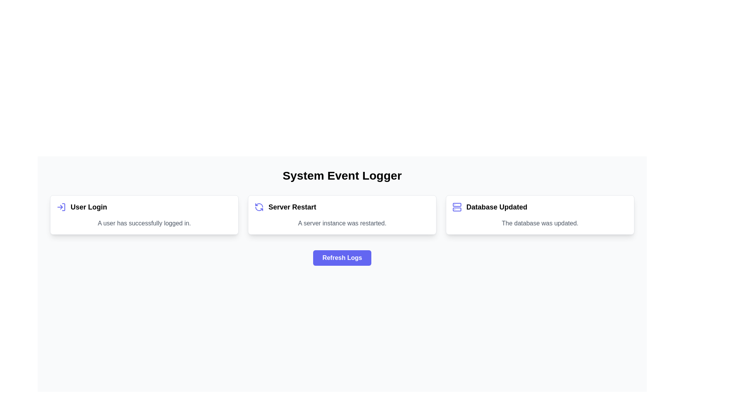 Image resolution: width=745 pixels, height=419 pixels. I want to click on the 'User Login' icon positioned at the top-left corner of the 'User Login' card, aligned left to the text 'User Login', so click(61, 206).